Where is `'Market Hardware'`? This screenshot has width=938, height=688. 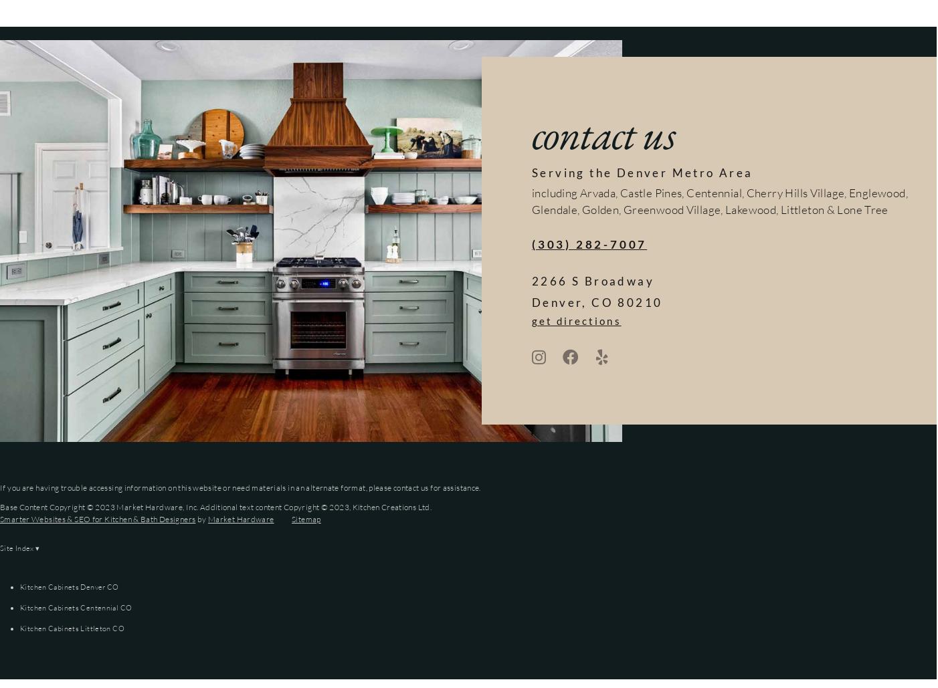 'Market Hardware' is located at coordinates (240, 518).